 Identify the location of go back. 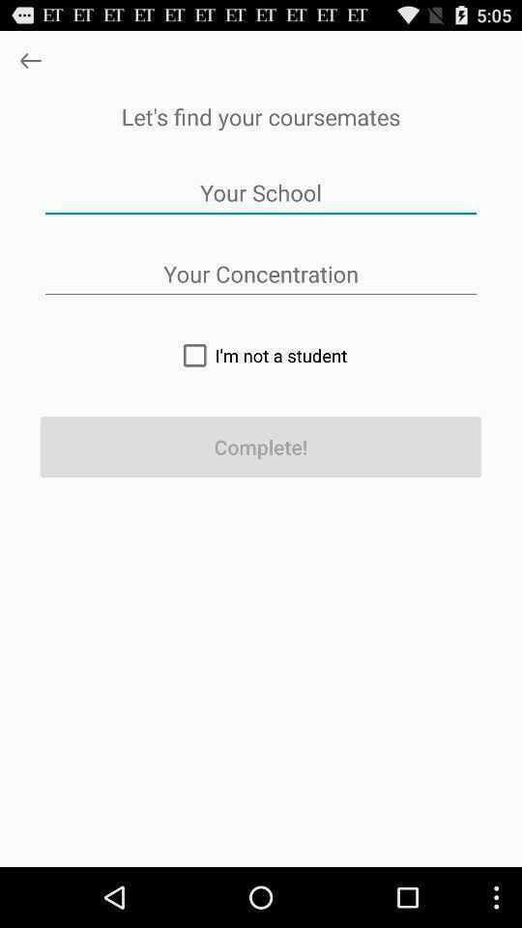
(29, 60).